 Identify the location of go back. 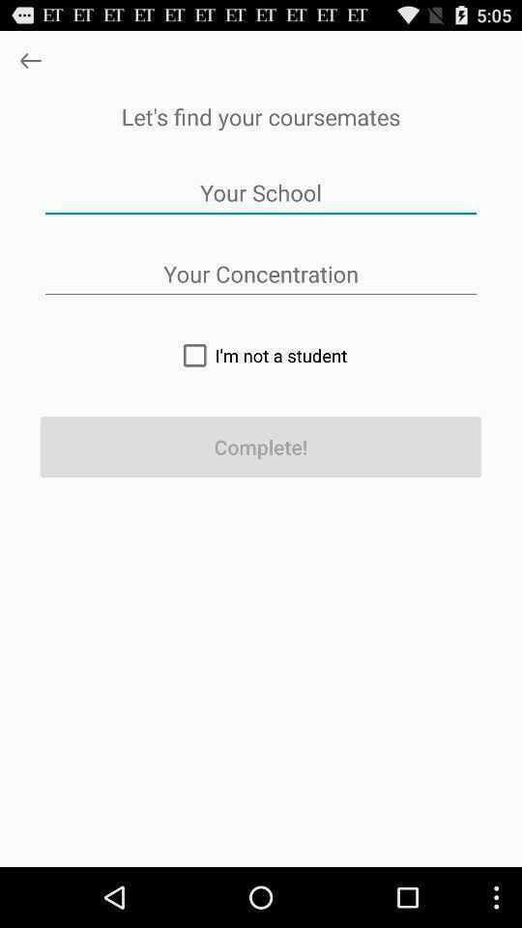
(29, 60).